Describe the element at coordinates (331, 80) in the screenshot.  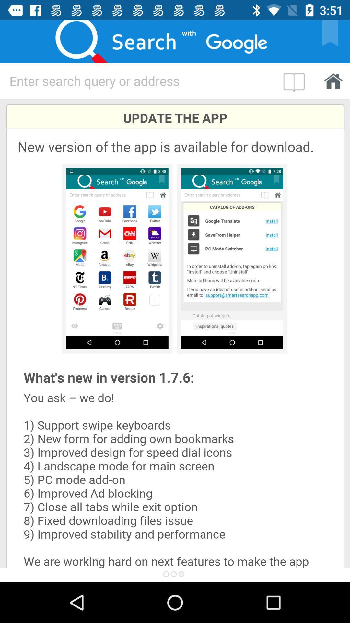
I see `the home icon` at that location.